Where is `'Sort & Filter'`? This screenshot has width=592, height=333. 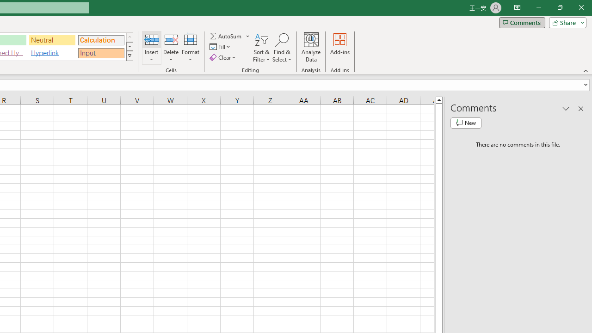 'Sort & Filter' is located at coordinates (261, 48).